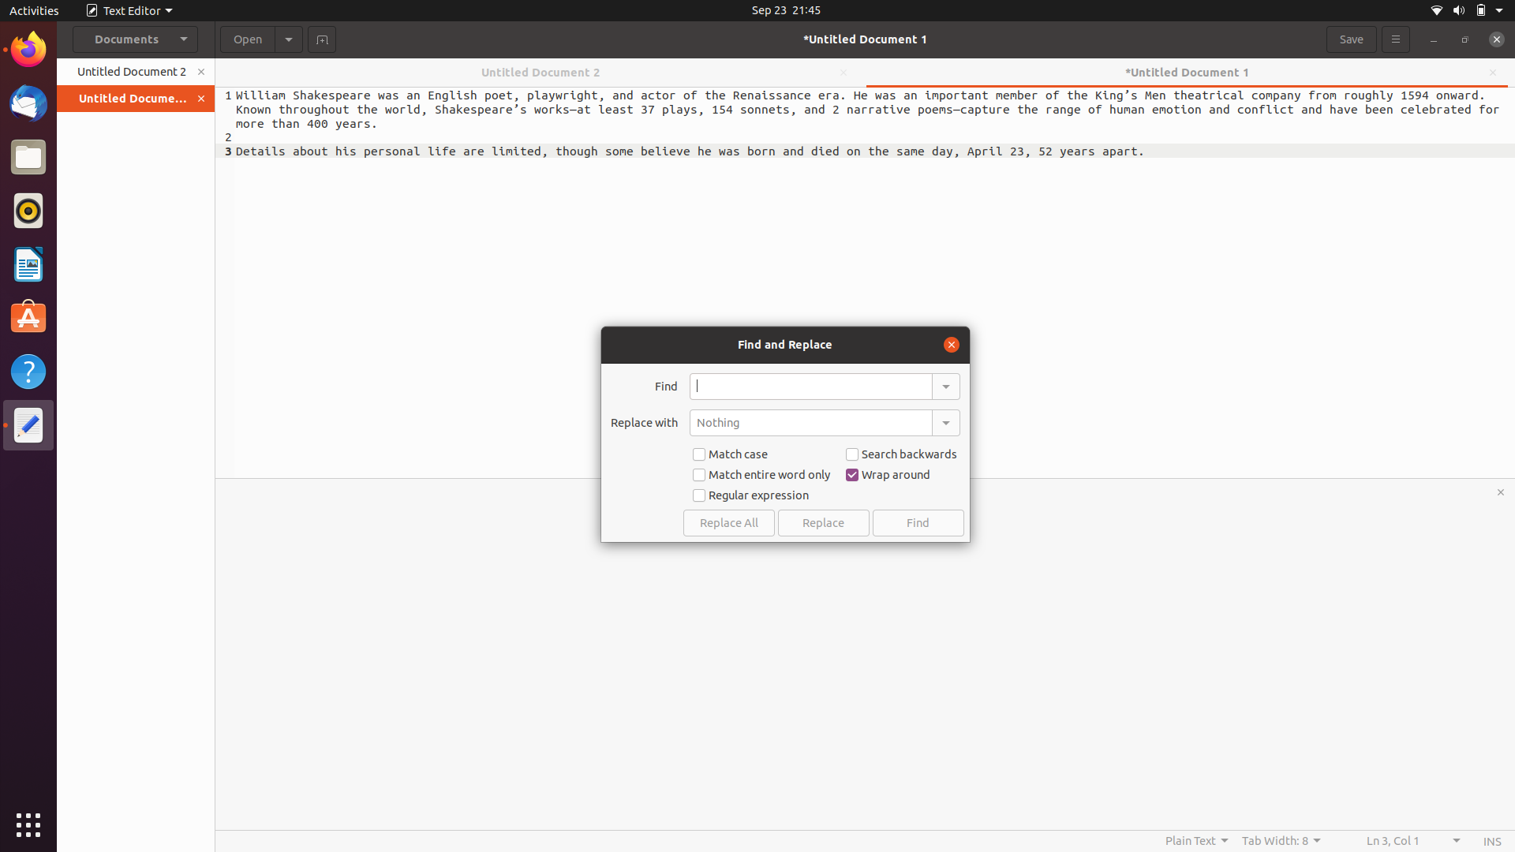 The width and height of the screenshot is (1515, 852). What do you see at coordinates (810, 386) in the screenshot?
I see `Substitute the last instance of the term "have" with "are` at bounding box center [810, 386].